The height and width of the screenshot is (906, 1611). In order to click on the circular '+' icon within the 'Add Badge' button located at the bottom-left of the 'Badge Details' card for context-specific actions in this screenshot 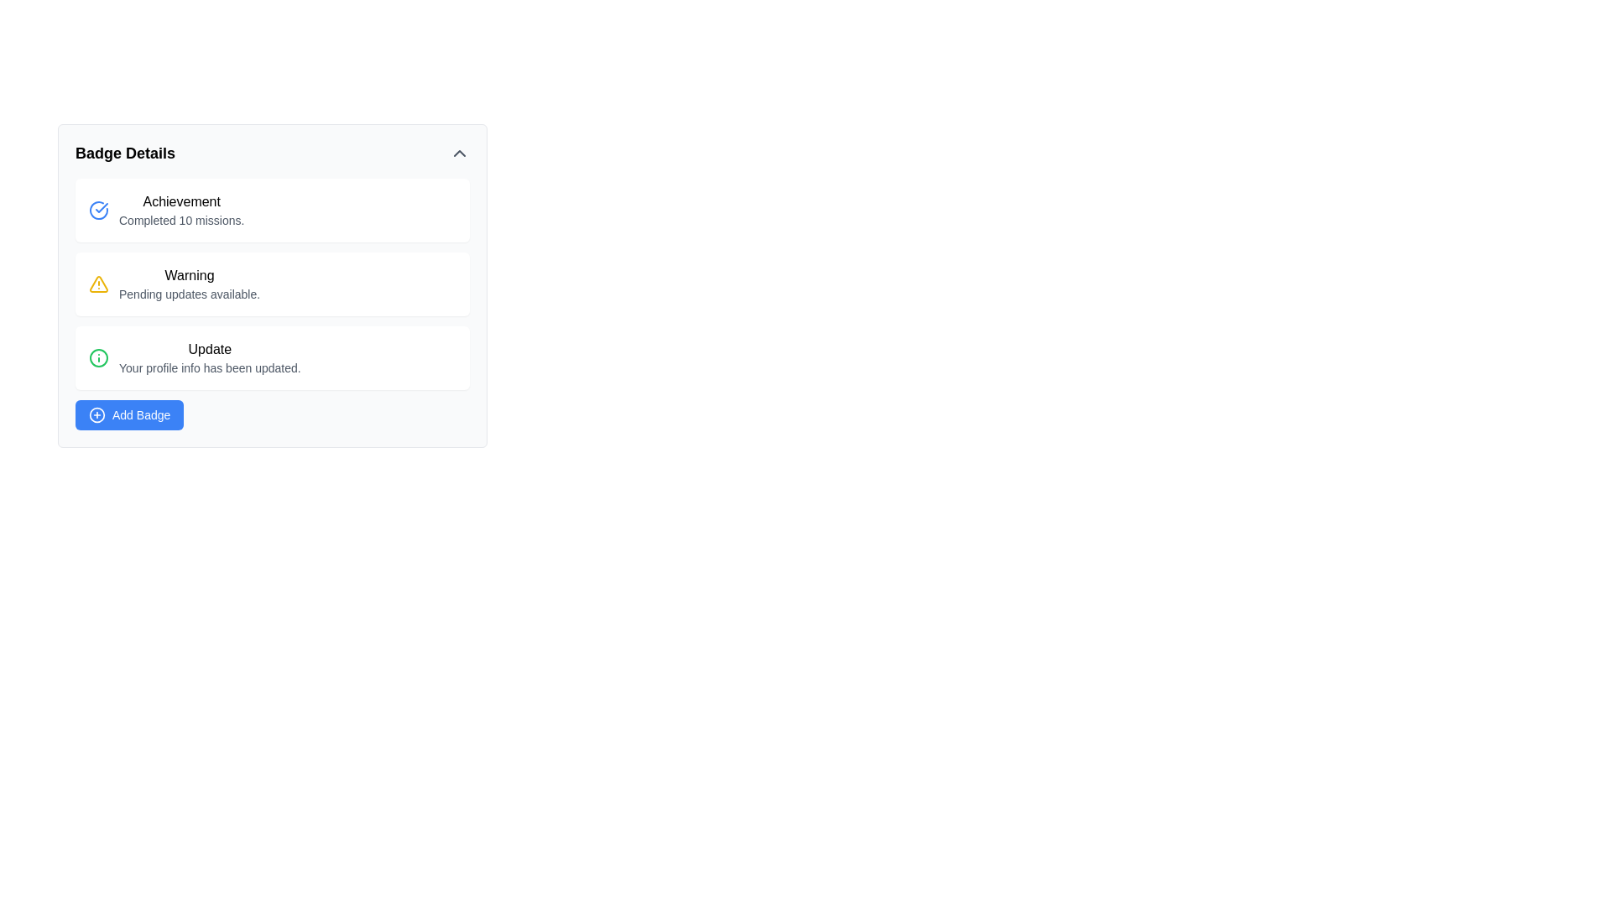, I will do `click(96, 414)`.